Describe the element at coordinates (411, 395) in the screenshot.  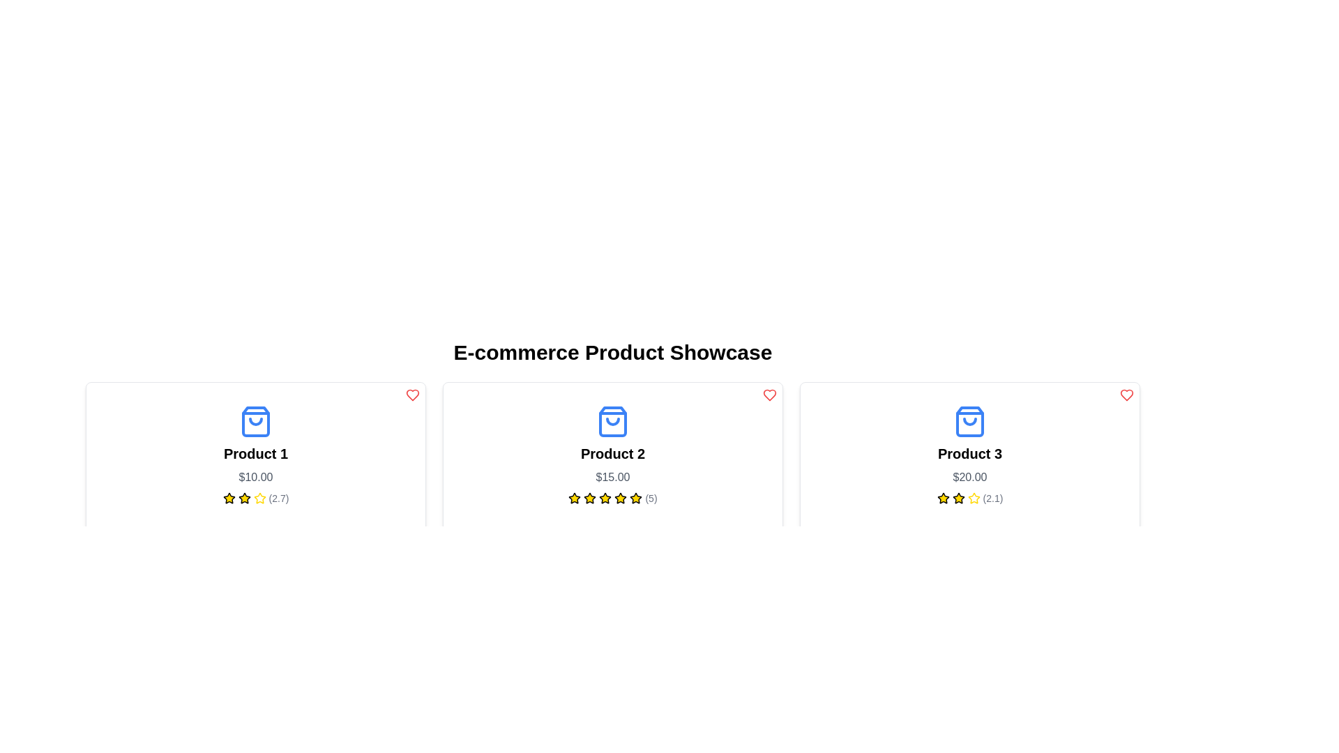
I see `the heart icon in the top-right corner of 'Product 3' to potentially reveal a tooltip` at that location.